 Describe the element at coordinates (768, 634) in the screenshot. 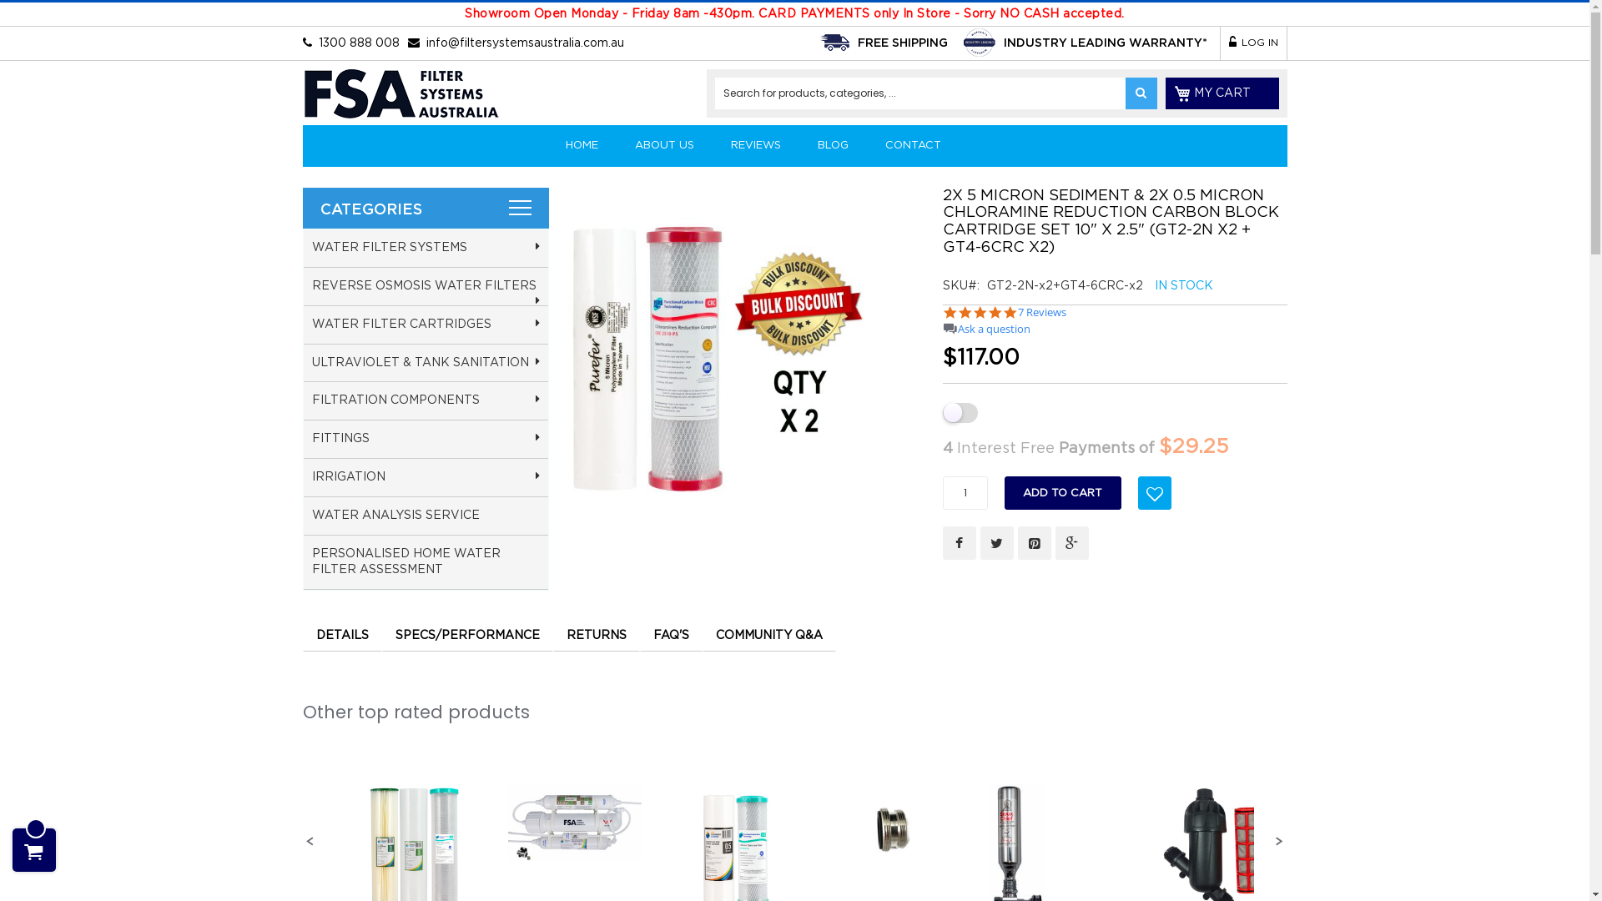

I see `'COMMUNITY Q&A'` at that location.